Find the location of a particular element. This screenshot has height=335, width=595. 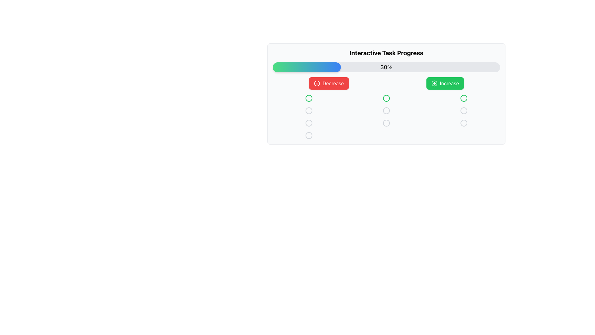

the Interactive button located in the middle column, third from the top is located at coordinates (386, 94).